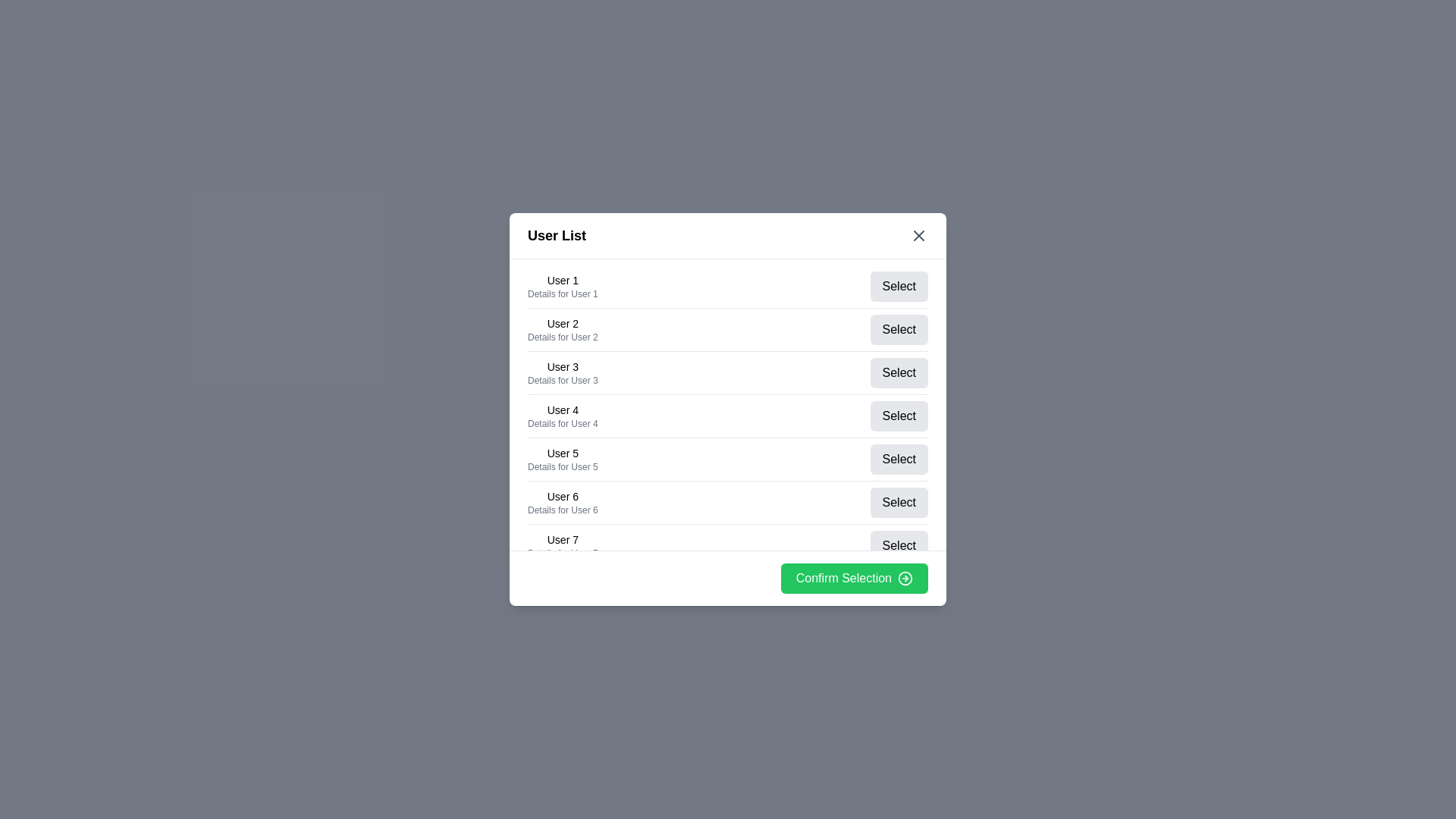 Image resolution: width=1456 pixels, height=819 pixels. I want to click on 'Select' button for user 1, so click(899, 287).